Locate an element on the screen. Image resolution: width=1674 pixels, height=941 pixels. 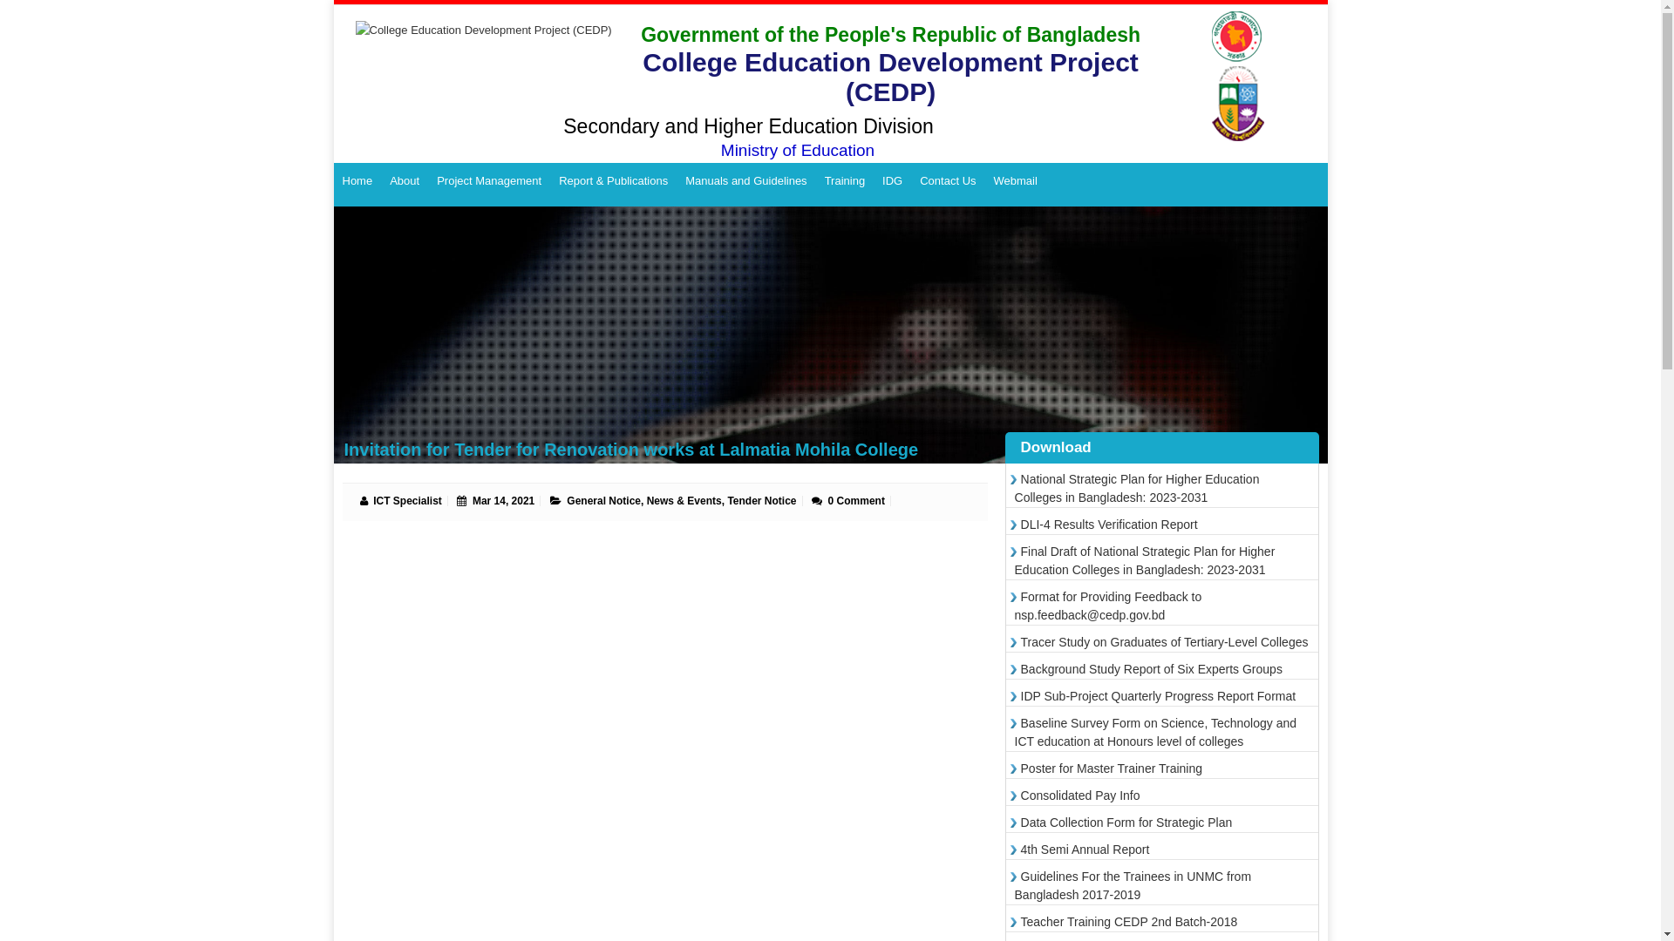
'Consolidated Pay Info' is located at coordinates (1077, 795).